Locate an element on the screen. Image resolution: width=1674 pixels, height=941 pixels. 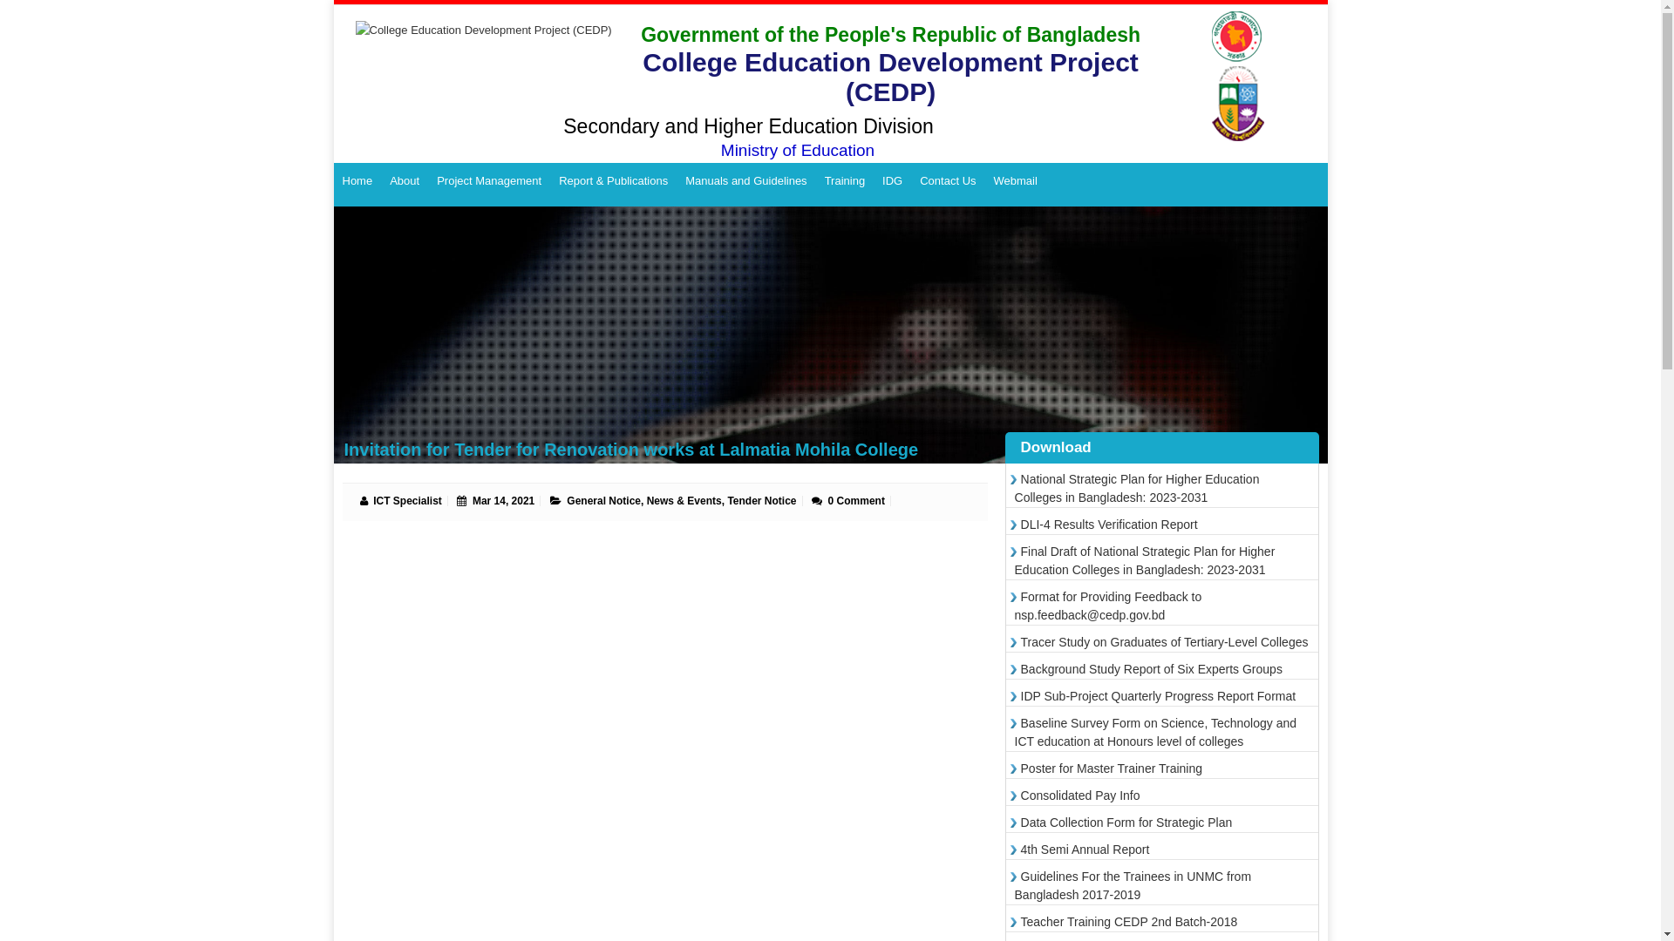
'Consolidated Pay Info' is located at coordinates (1077, 795).